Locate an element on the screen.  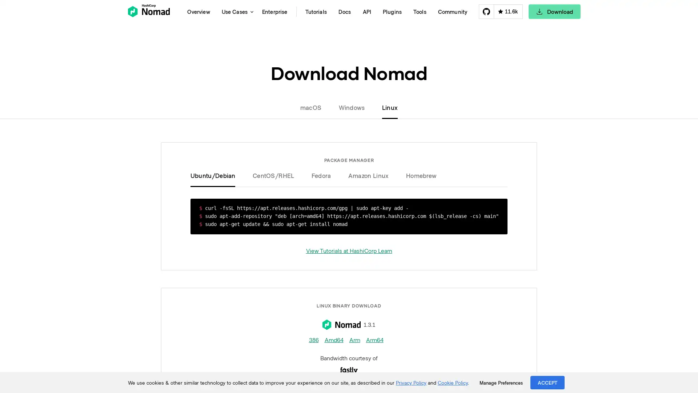
ACCEPT is located at coordinates (547, 382).